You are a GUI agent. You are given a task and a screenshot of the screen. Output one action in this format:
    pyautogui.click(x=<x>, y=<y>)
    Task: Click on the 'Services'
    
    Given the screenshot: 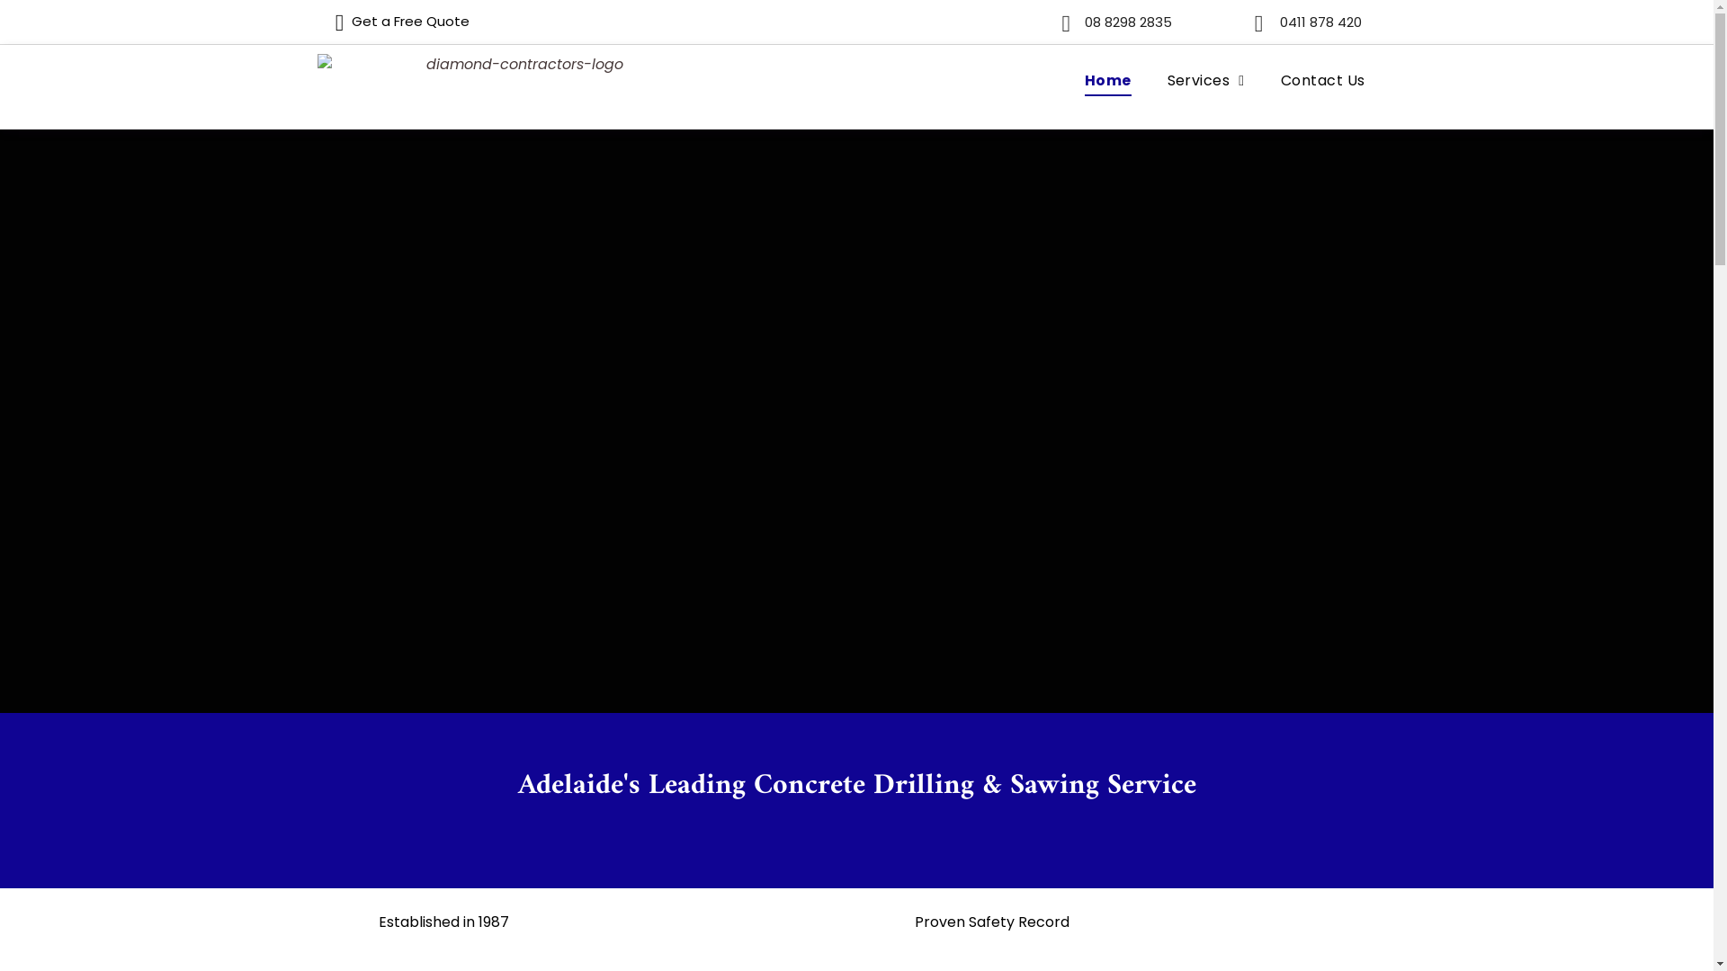 What is the action you would take?
    pyautogui.click(x=1205, y=79)
    